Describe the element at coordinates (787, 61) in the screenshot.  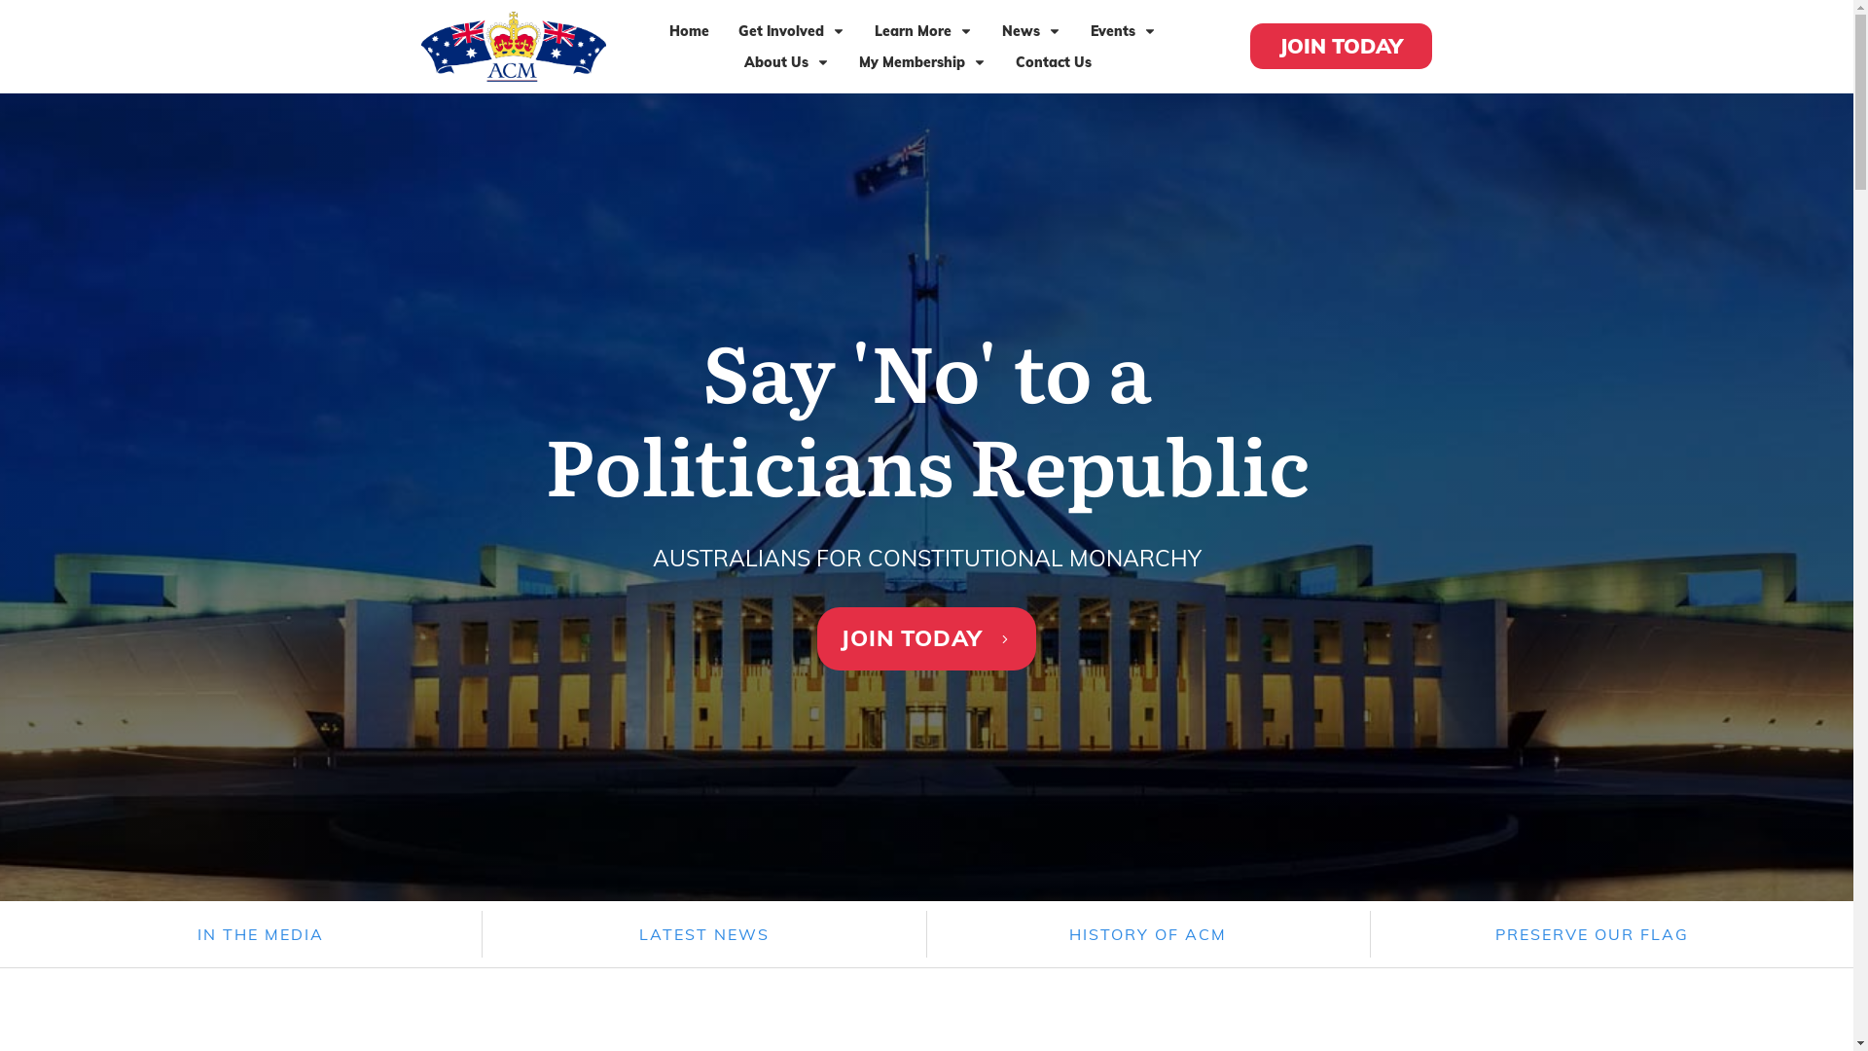
I see `'About Us'` at that location.